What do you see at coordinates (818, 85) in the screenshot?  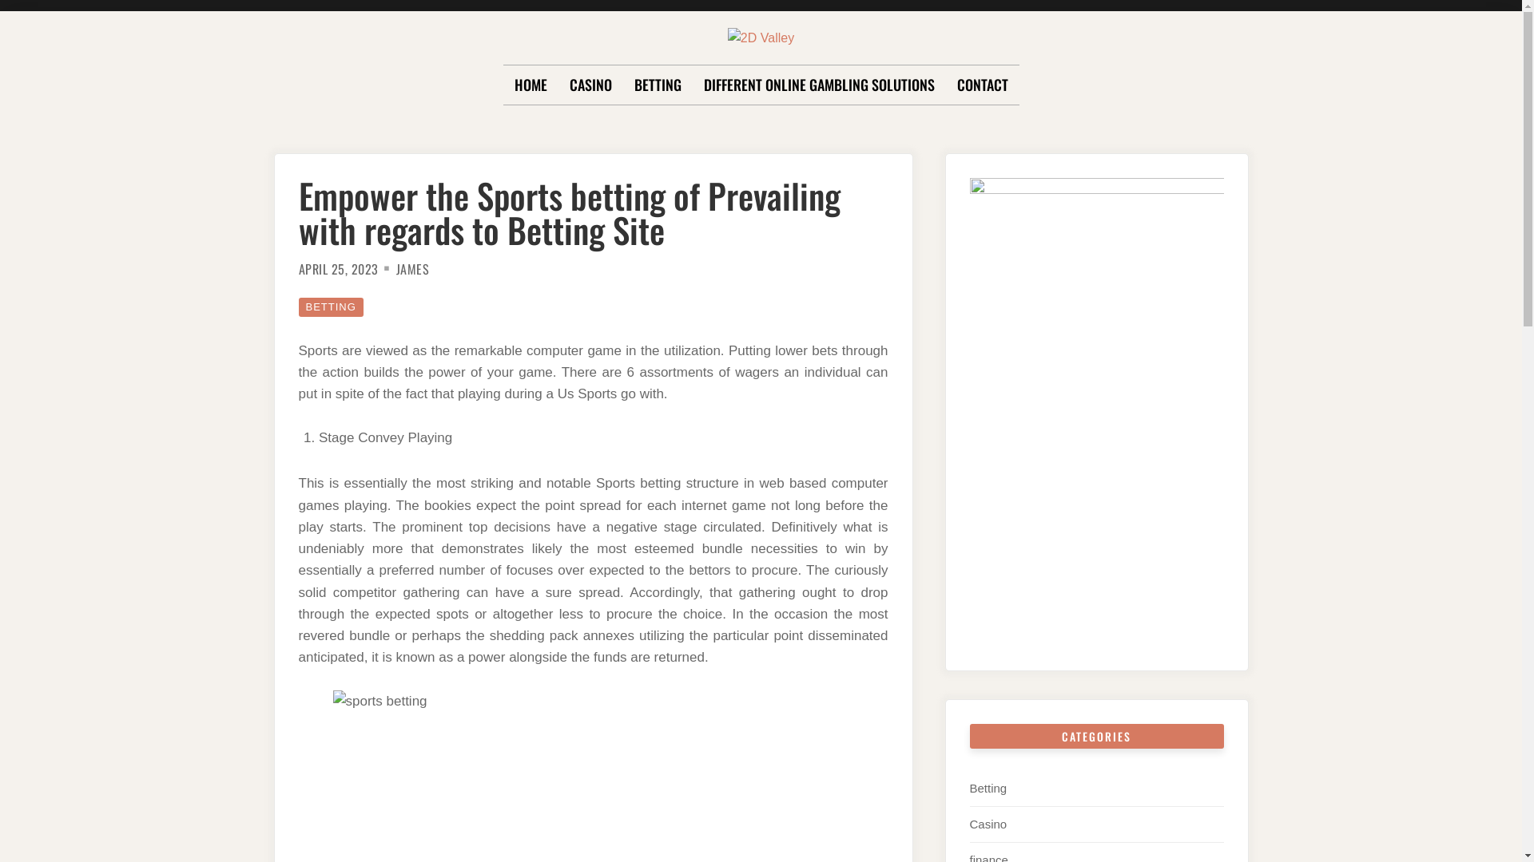 I see `'DIFFERENT ONLINE GAMBLING SOLUTIONS'` at bounding box center [818, 85].